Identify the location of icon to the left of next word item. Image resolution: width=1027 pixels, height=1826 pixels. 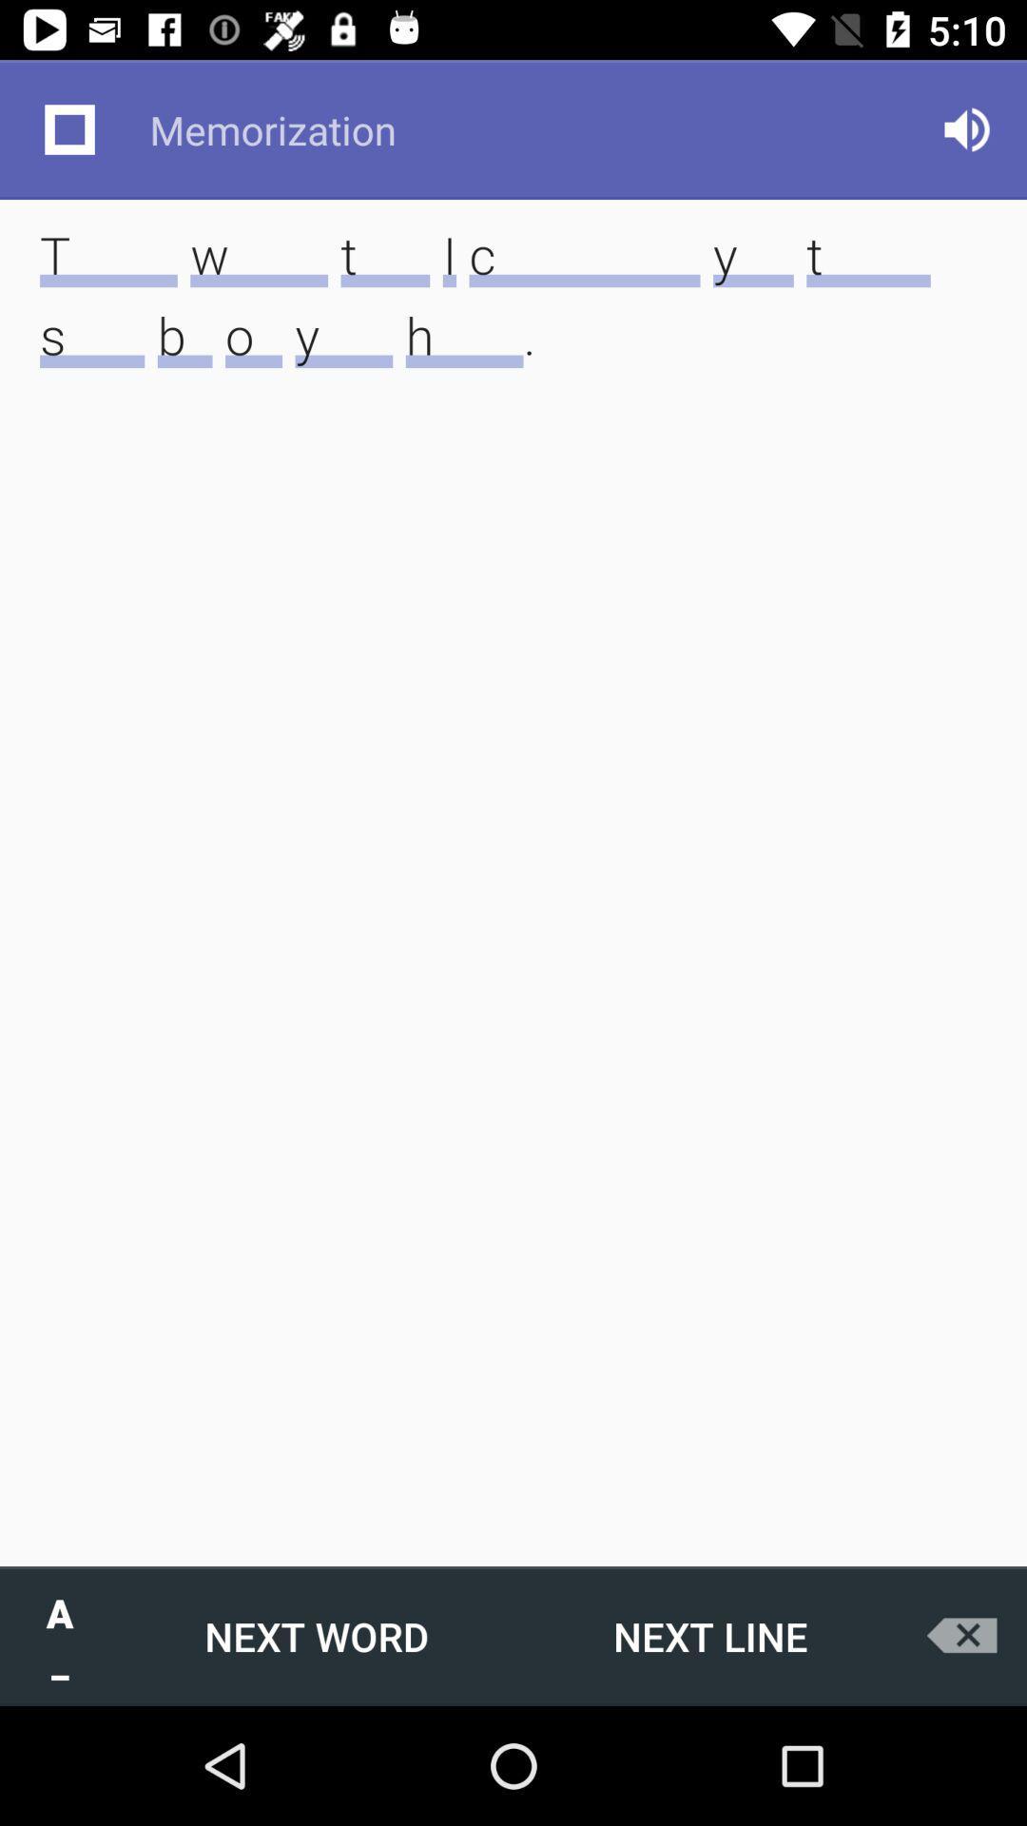
(58, 1635).